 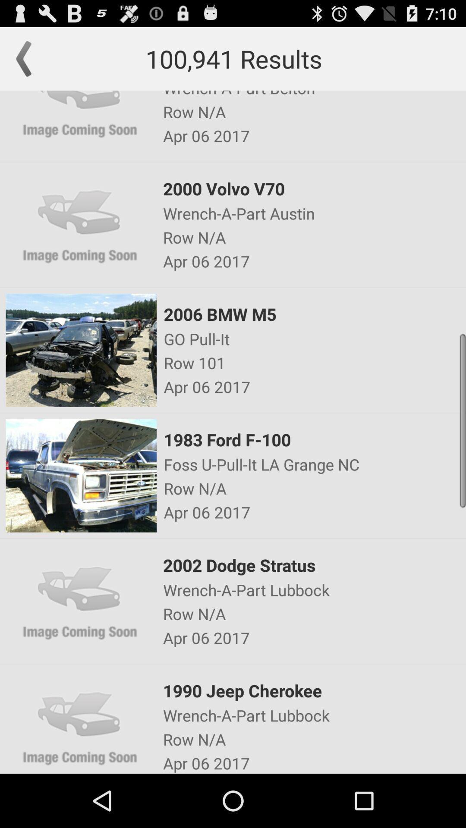 What do you see at coordinates (314, 314) in the screenshot?
I see `the item below apr 06 2017 app` at bounding box center [314, 314].